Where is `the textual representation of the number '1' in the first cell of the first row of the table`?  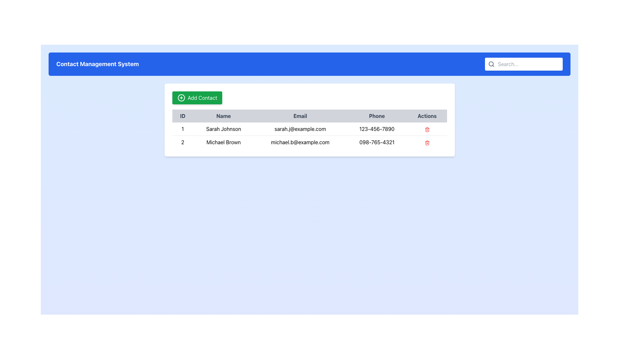 the textual representation of the number '1' in the first cell of the first row of the table is located at coordinates (182, 129).